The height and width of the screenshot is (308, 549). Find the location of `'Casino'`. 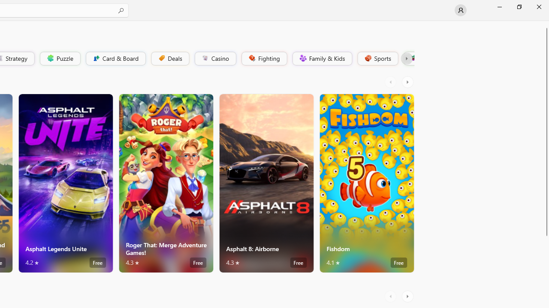

'Casino' is located at coordinates (215, 58).